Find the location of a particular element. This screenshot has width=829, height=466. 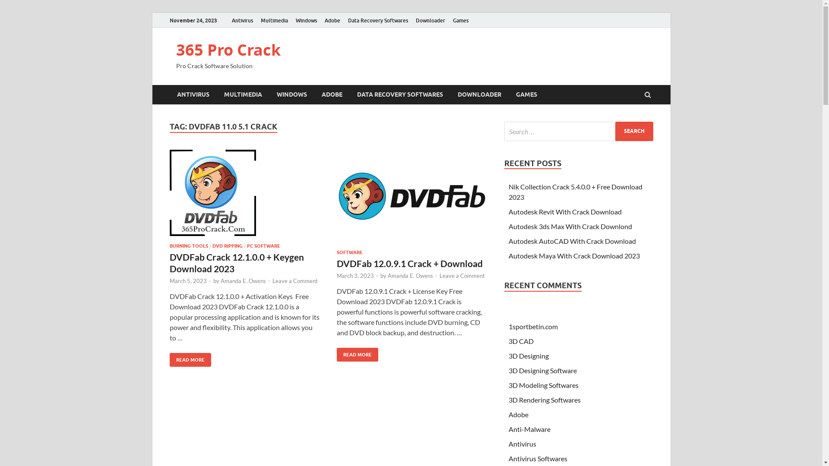

'ANTIVIRUS' is located at coordinates (192, 94).